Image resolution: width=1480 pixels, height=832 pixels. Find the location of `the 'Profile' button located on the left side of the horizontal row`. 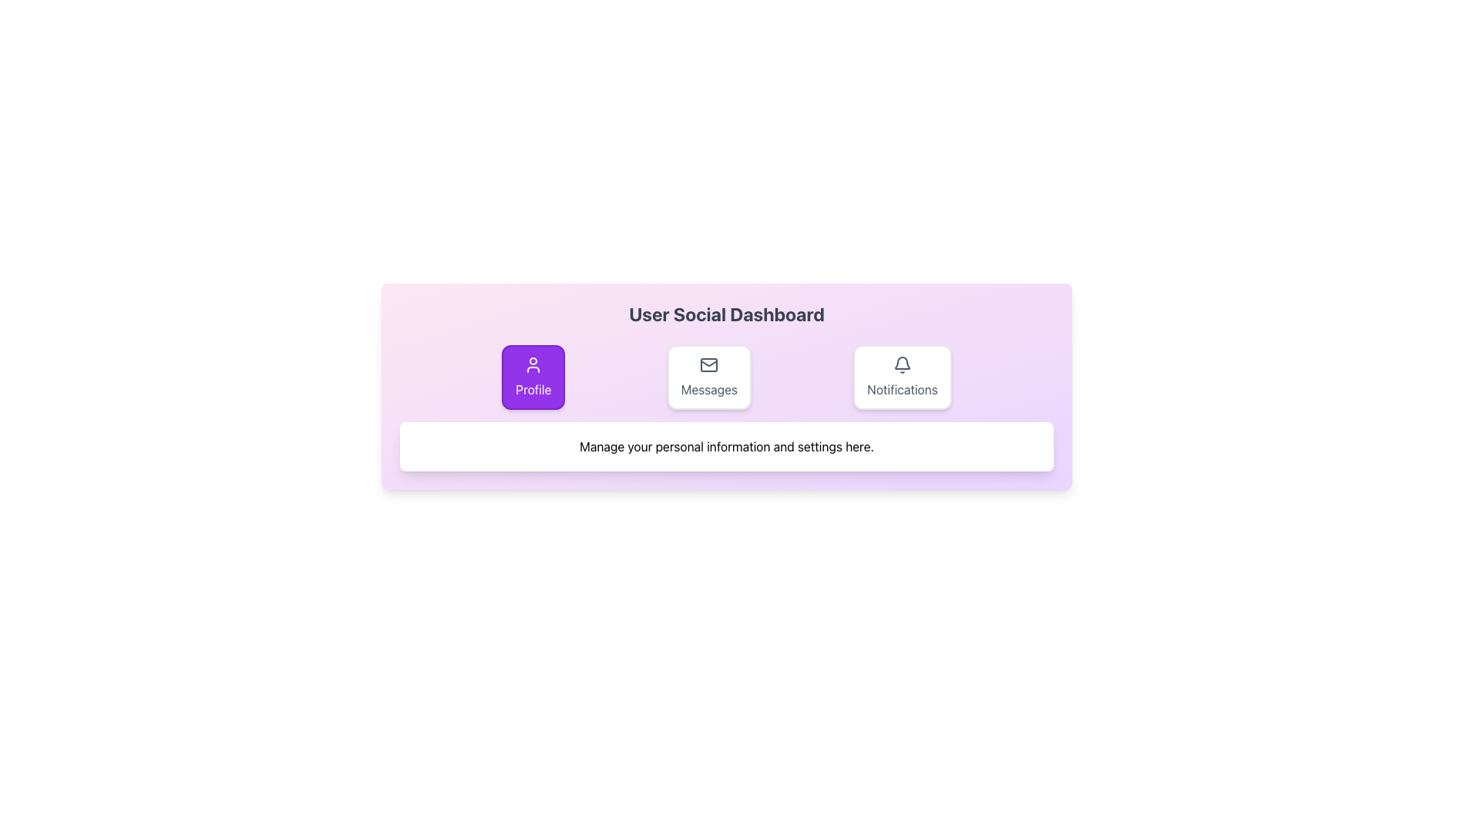

the 'Profile' button located on the left side of the horizontal row is located at coordinates (533, 388).